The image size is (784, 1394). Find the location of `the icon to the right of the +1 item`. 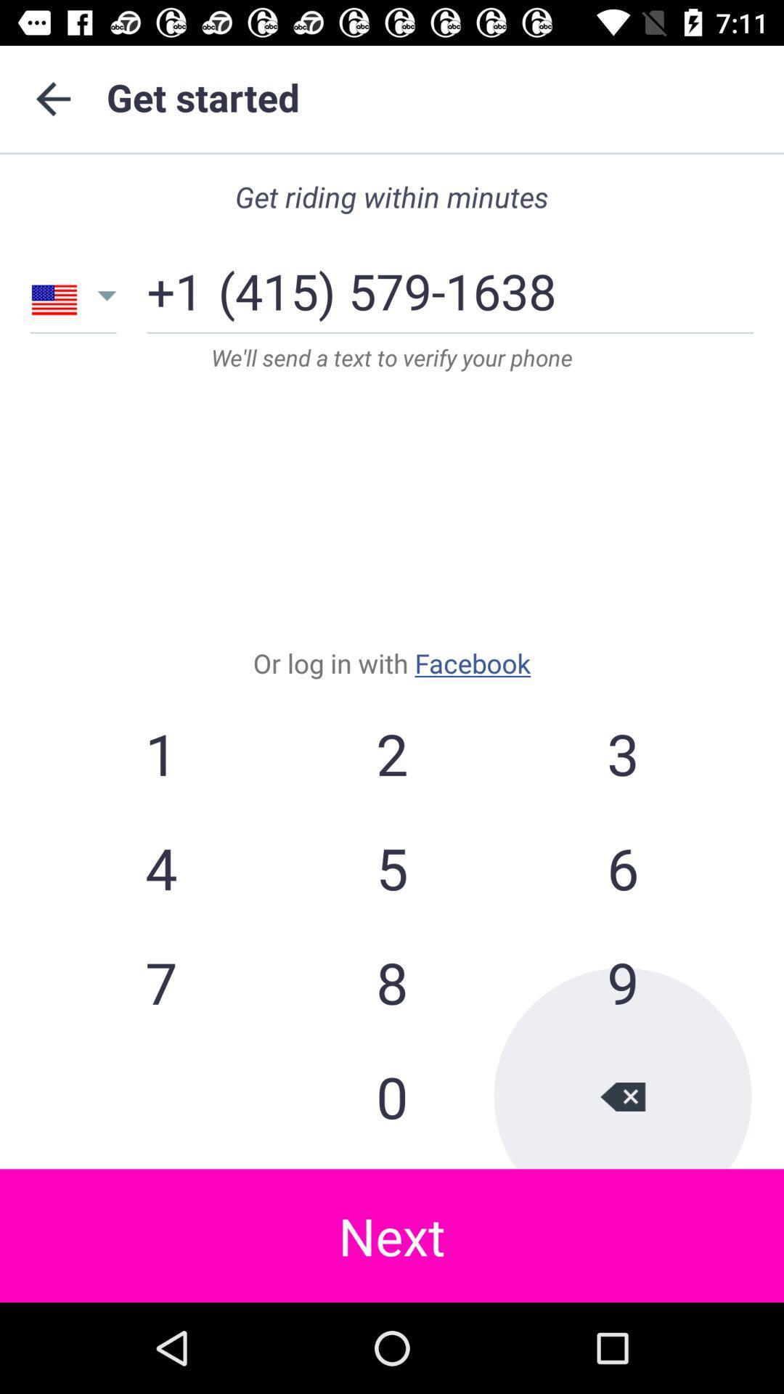

the icon to the right of the +1 item is located at coordinates (386, 285).